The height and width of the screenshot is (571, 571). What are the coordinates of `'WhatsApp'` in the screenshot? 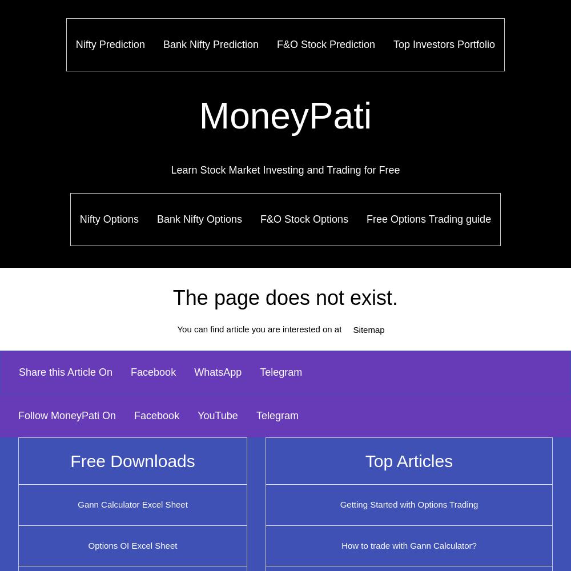 It's located at (194, 372).